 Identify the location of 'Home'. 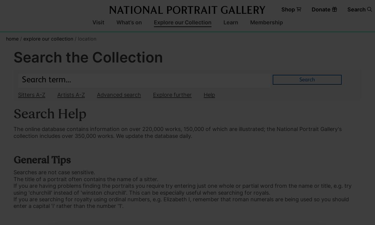
(12, 38).